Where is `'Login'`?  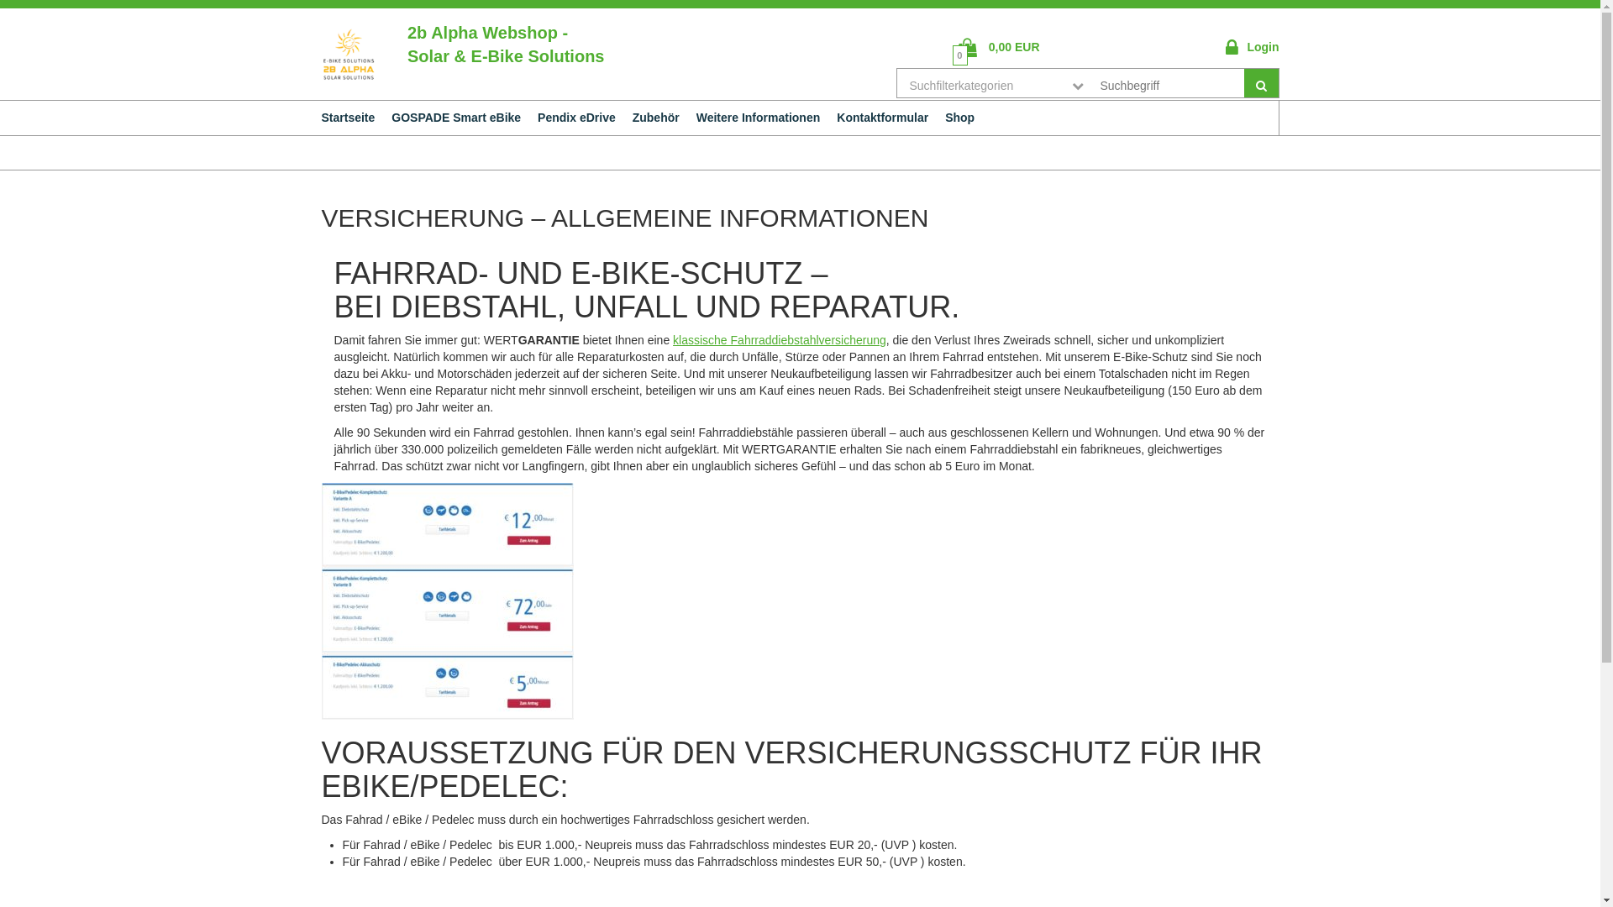 'Login' is located at coordinates (1252, 46).